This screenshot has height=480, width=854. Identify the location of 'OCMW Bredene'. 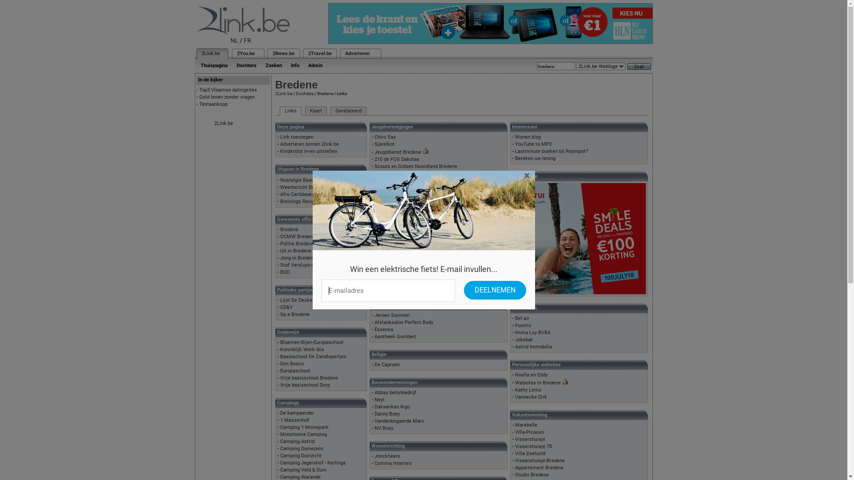
(298, 236).